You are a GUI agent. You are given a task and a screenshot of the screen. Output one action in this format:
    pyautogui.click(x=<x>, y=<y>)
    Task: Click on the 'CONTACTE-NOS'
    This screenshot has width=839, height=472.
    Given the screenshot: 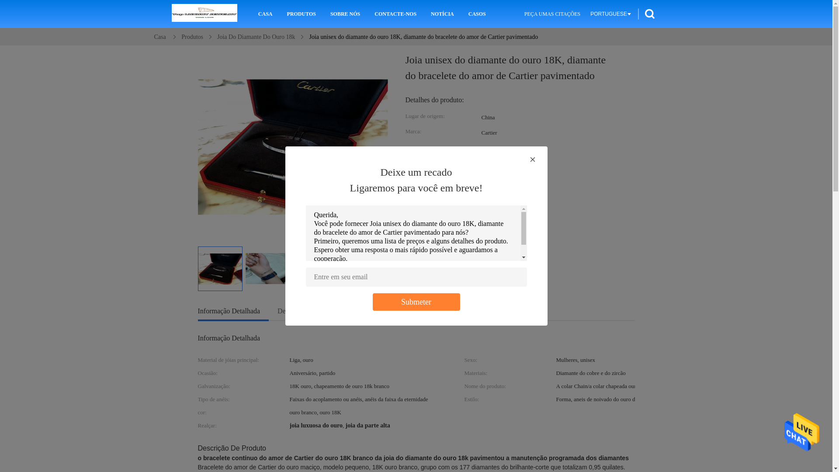 What is the action you would take?
    pyautogui.click(x=372, y=14)
    